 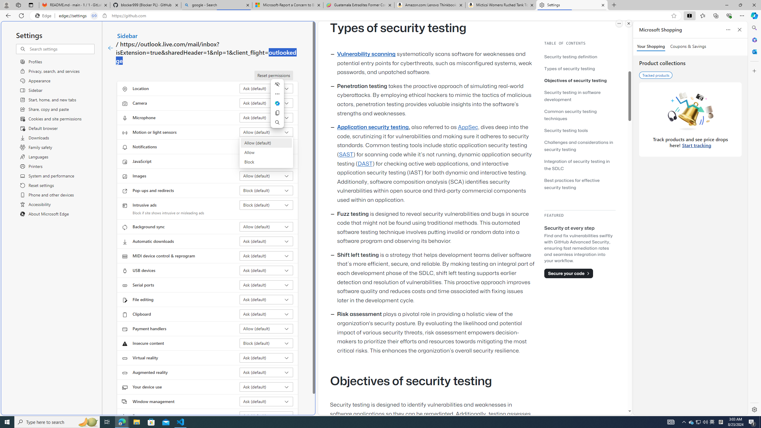 What do you see at coordinates (277, 84) in the screenshot?
I see `'Hide menu'` at bounding box center [277, 84].